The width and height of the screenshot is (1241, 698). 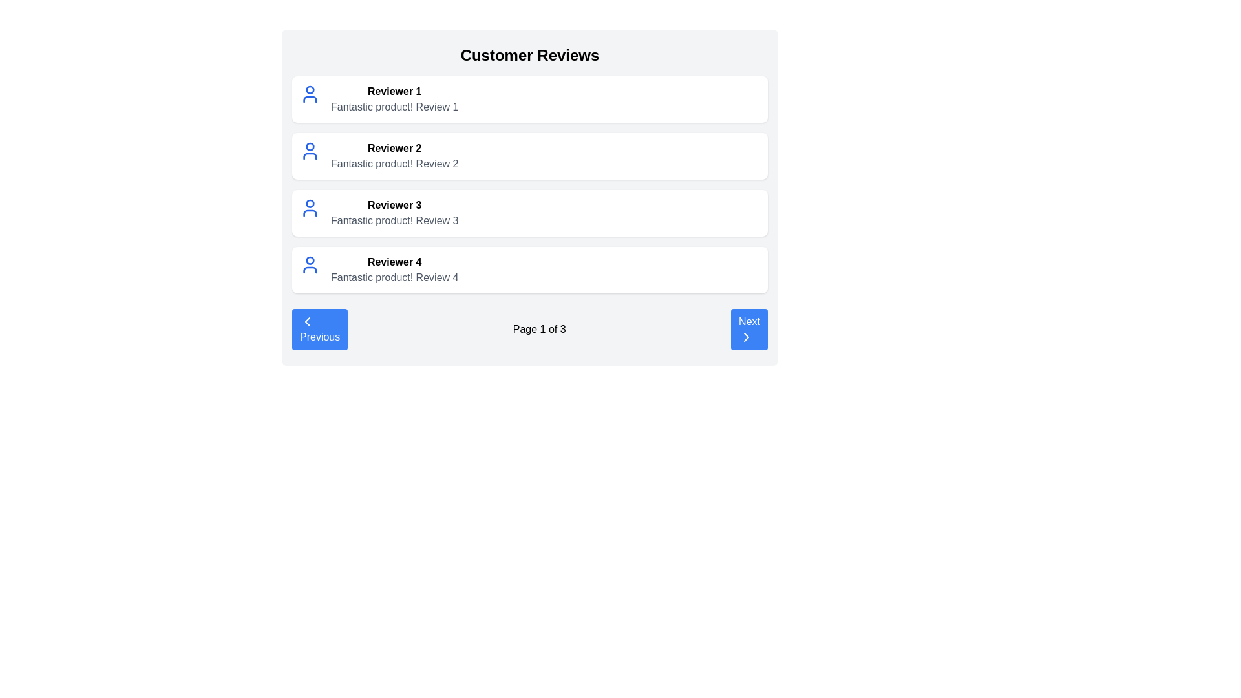 I want to click on static text that displays 'Fantastic product! Review 2', which is located in the 'Customer Reviews' section beneath 'Reviewer 2', so click(x=394, y=164).